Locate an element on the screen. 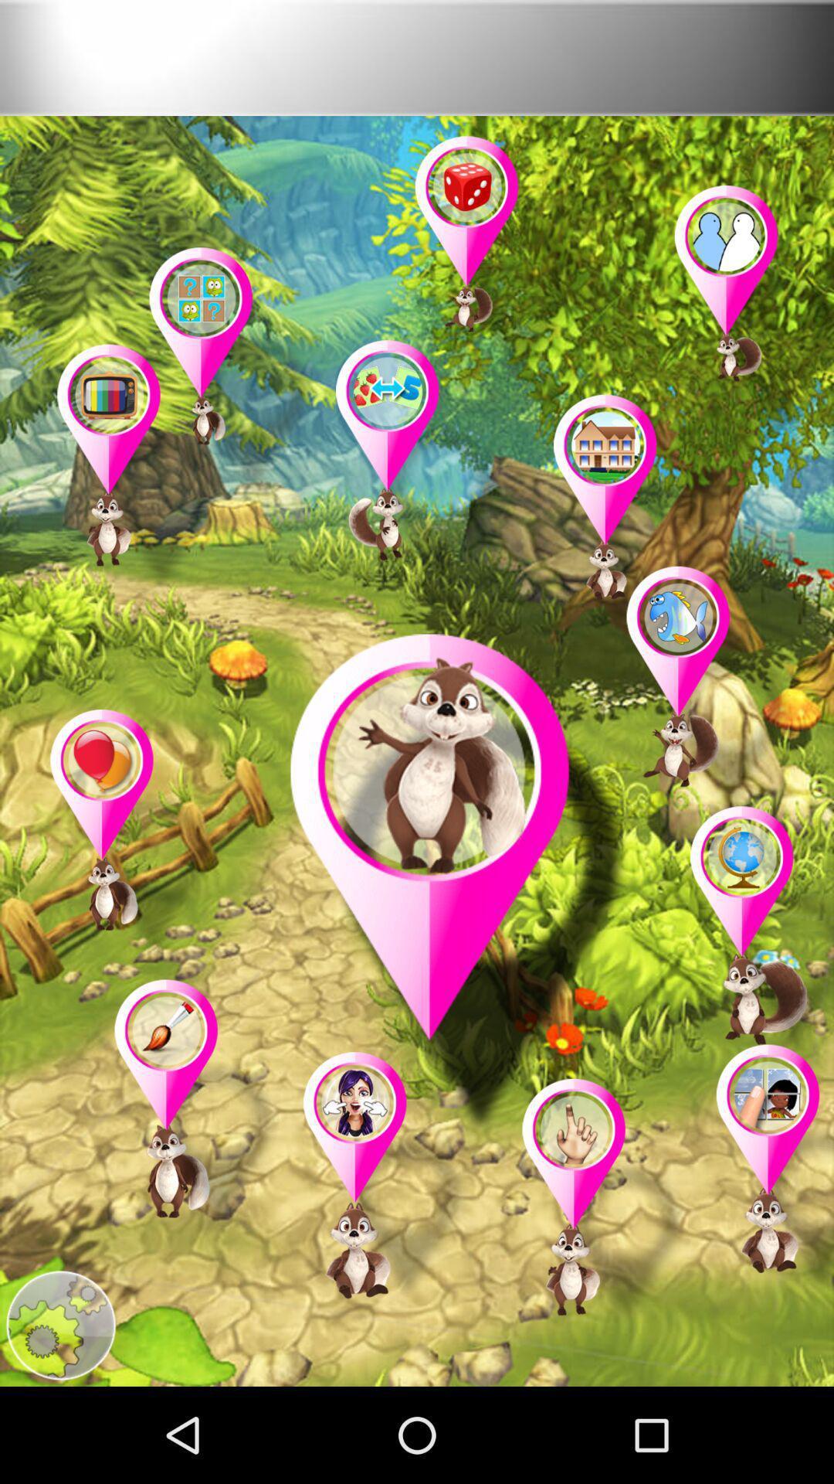 This screenshot has width=834, height=1484. it is game key is located at coordinates (637, 522).